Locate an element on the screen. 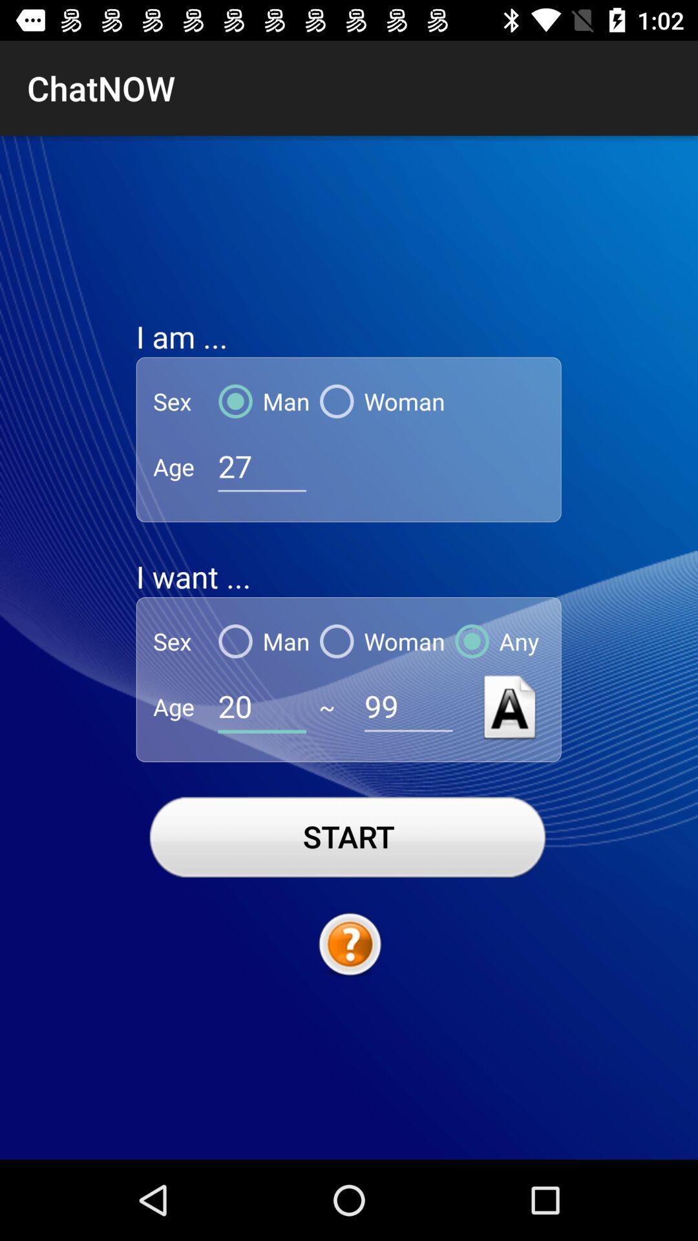 Image resolution: width=698 pixels, height=1241 pixels. question option is located at coordinates (349, 945).